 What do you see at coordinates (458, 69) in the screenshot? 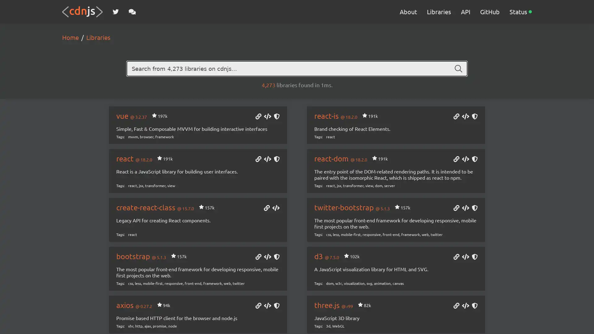
I see `Search` at bounding box center [458, 69].